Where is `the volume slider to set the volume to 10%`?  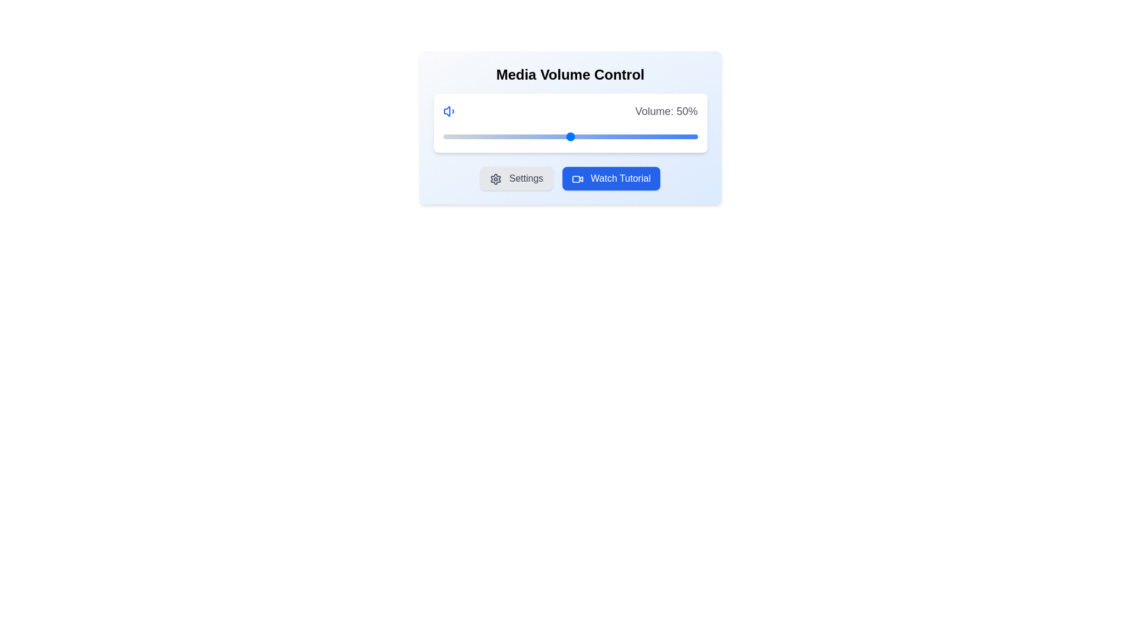 the volume slider to set the volume to 10% is located at coordinates (468, 136).